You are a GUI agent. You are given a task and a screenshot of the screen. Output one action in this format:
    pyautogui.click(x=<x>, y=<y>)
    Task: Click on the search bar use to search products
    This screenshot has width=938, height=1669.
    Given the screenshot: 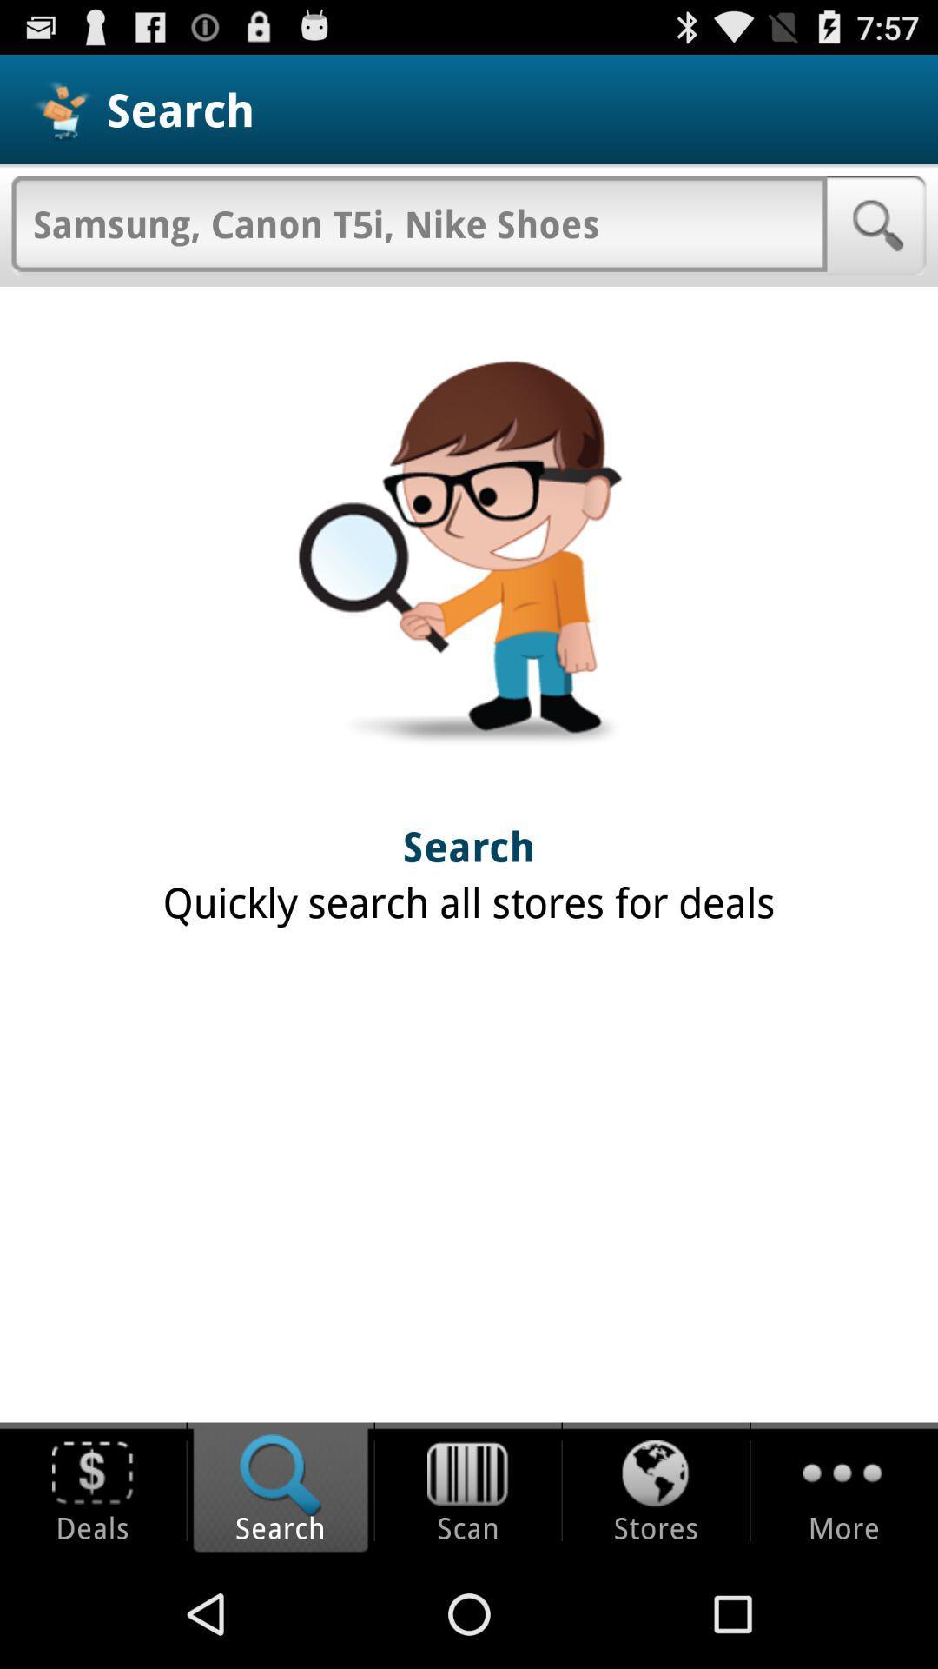 What is the action you would take?
    pyautogui.click(x=419, y=223)
    